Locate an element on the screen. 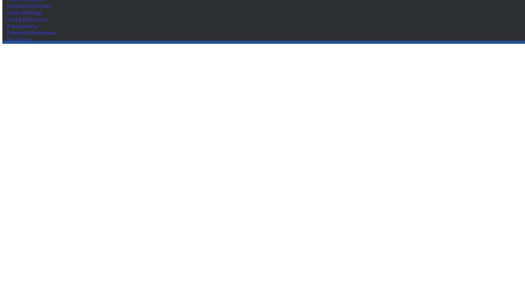 The width and height of the screenshot is (525, 301). 'Withholding Tax' is located at coordinates (24, 97).